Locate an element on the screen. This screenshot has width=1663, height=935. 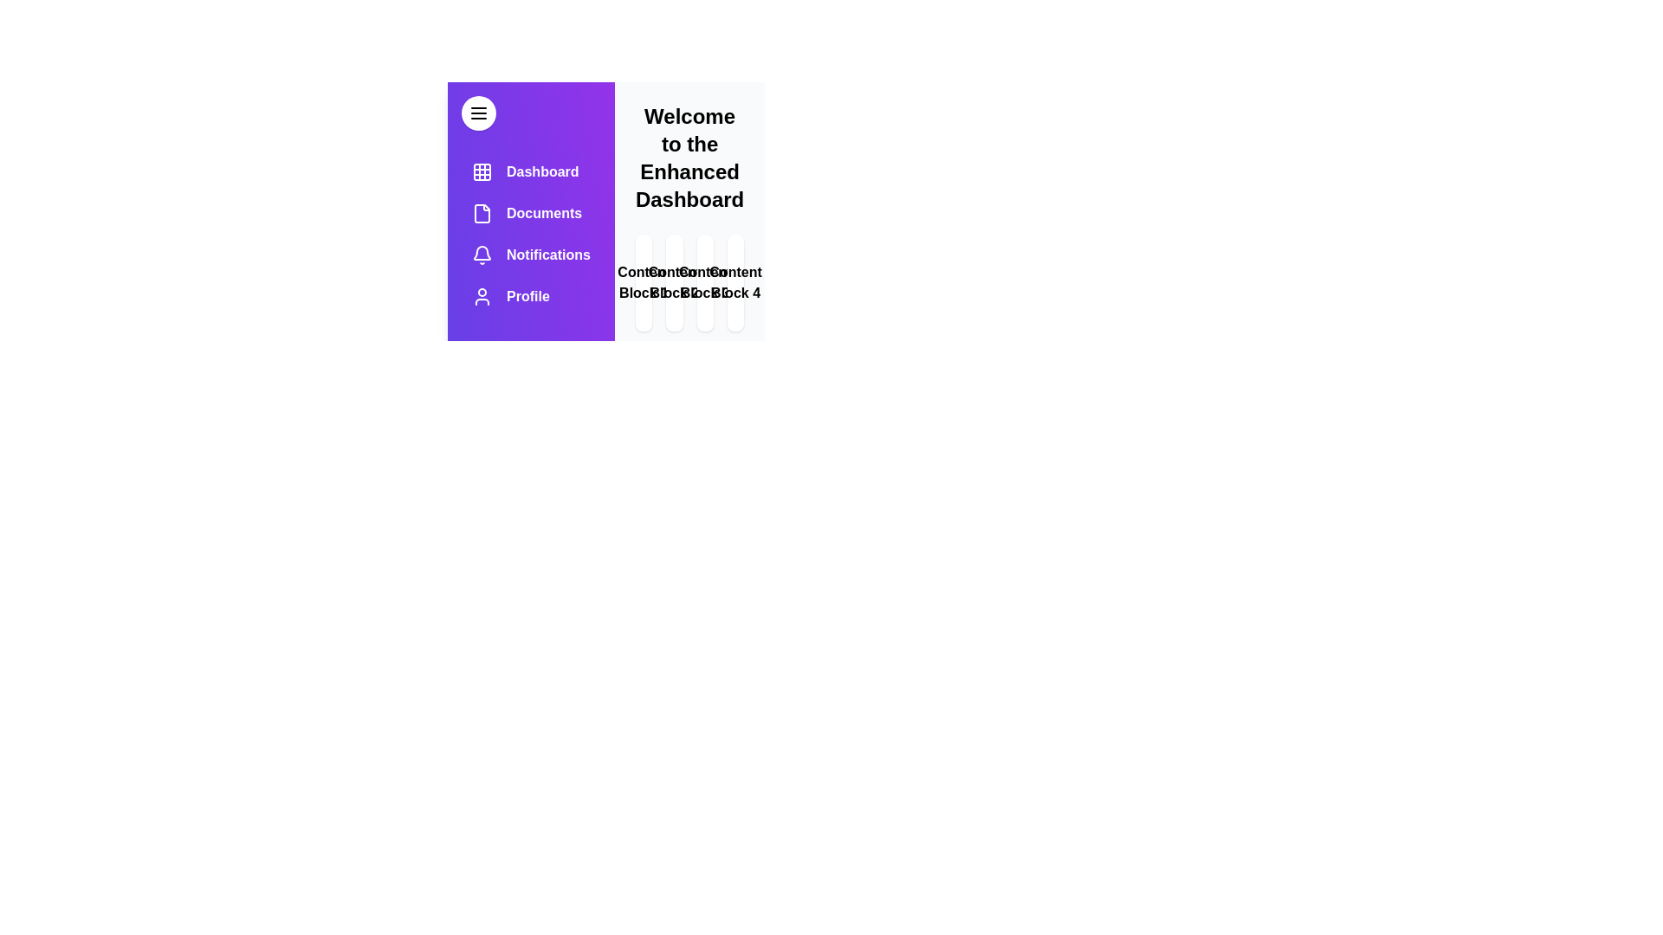
the menu item Dashboard from the drawer is located at coordinates (530, 172).